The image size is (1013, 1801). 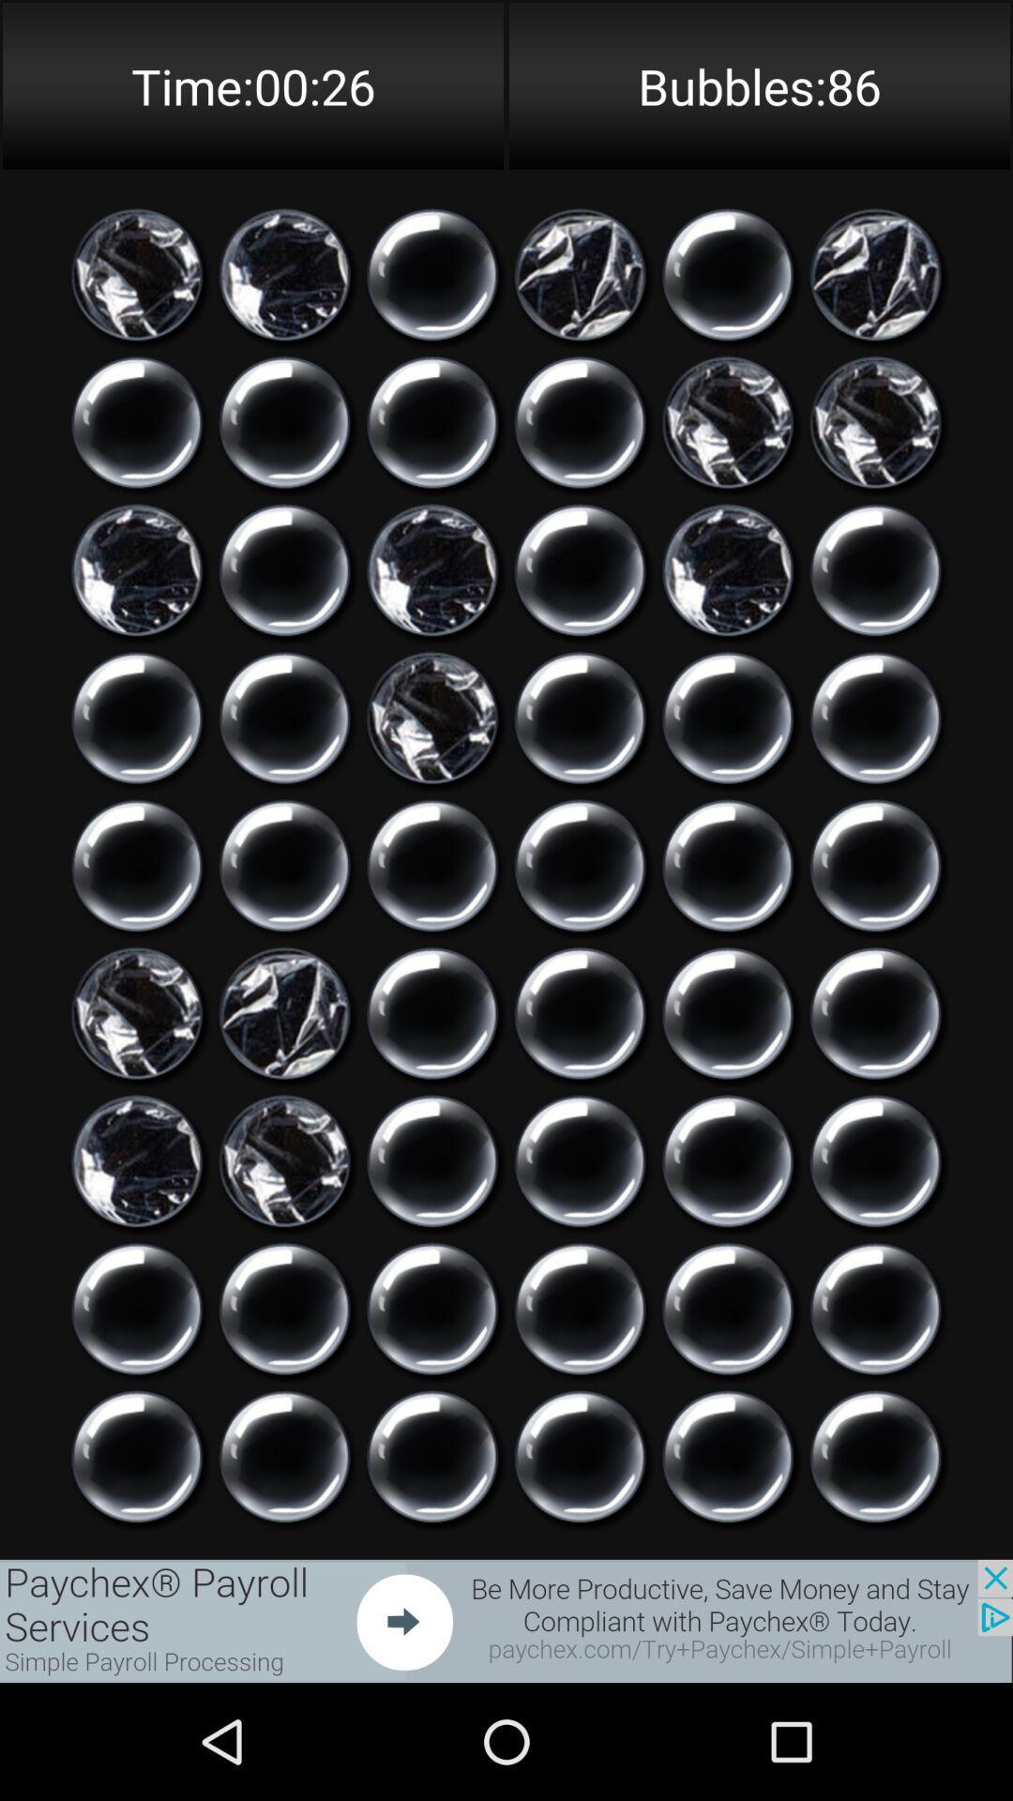 I want to click on the refresh icon, so click(x=727, y=1084).